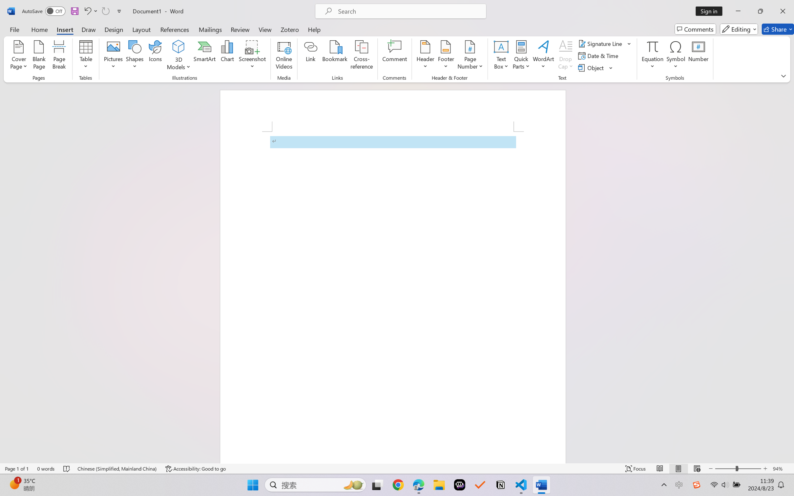  I want to click on 'Symbol', so click(675, 56).